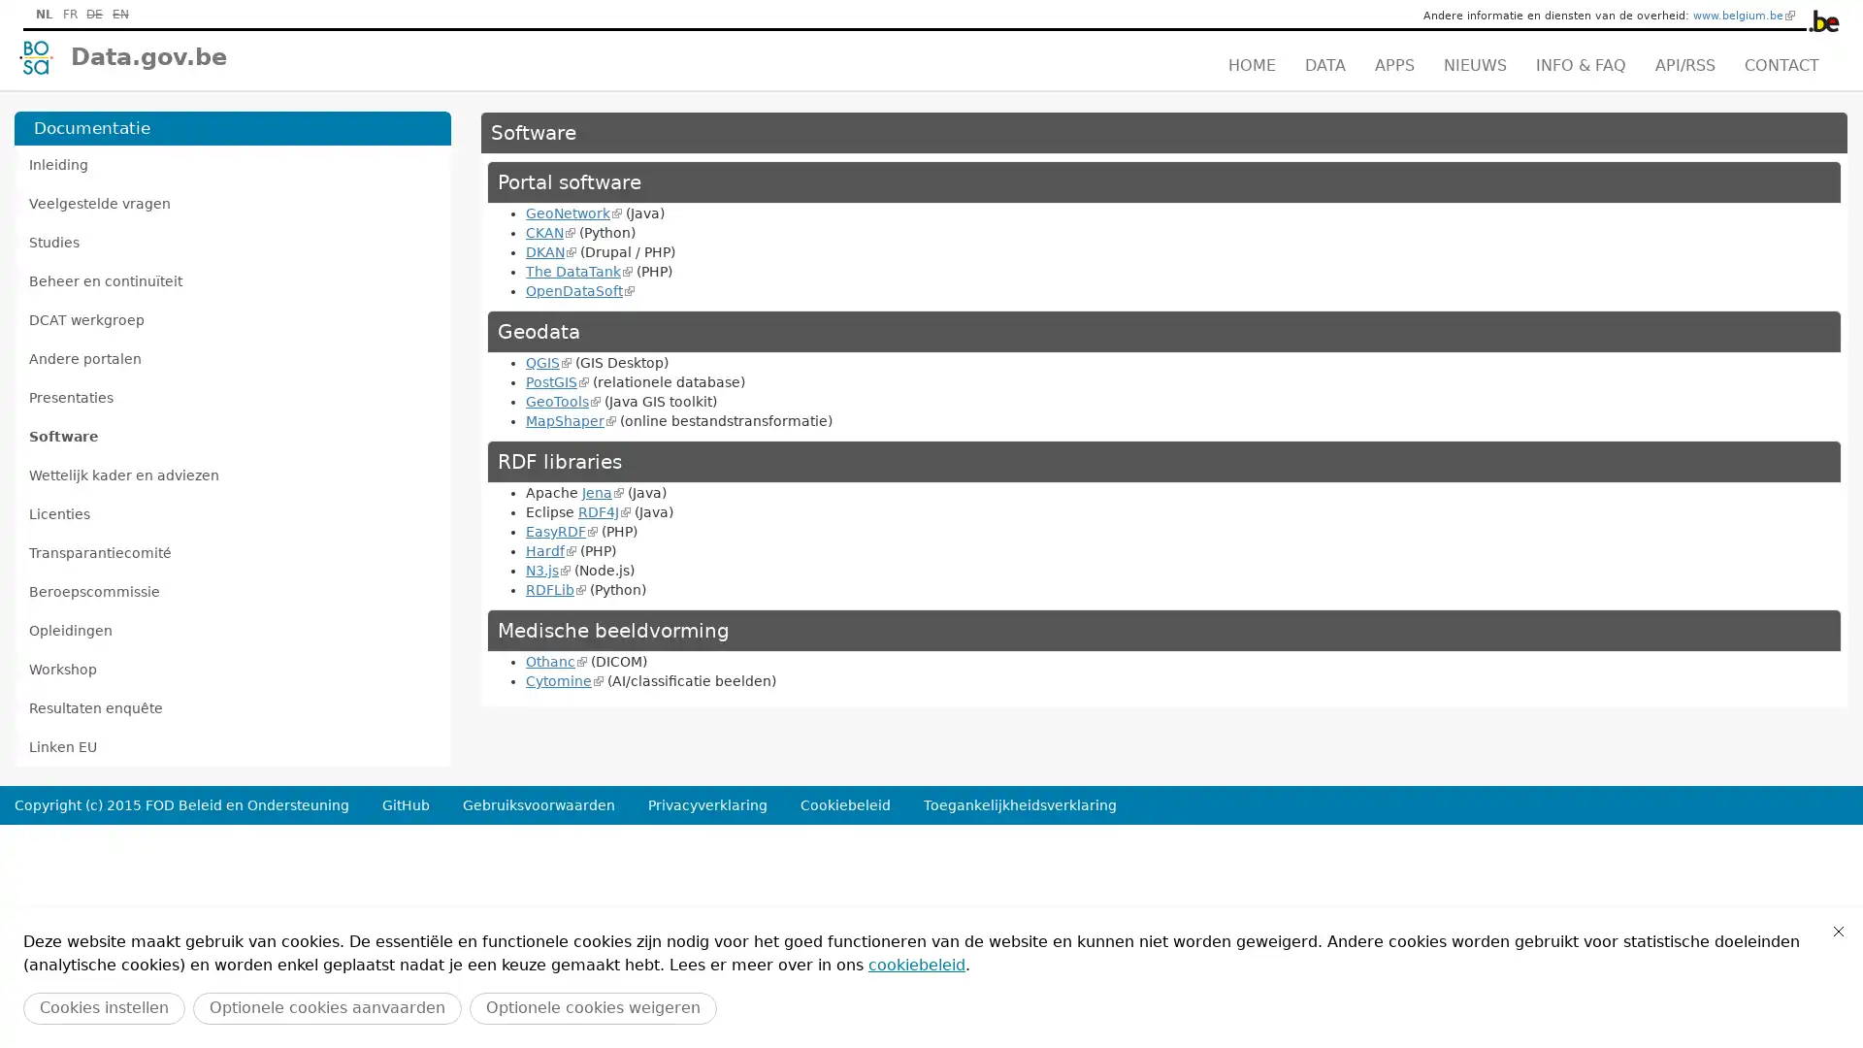 The width and height of the screenshot is (1863, 1048). Describe the element at coordinates (103, 1007) in the screenshot. I see `Cookies instellen` at that location.